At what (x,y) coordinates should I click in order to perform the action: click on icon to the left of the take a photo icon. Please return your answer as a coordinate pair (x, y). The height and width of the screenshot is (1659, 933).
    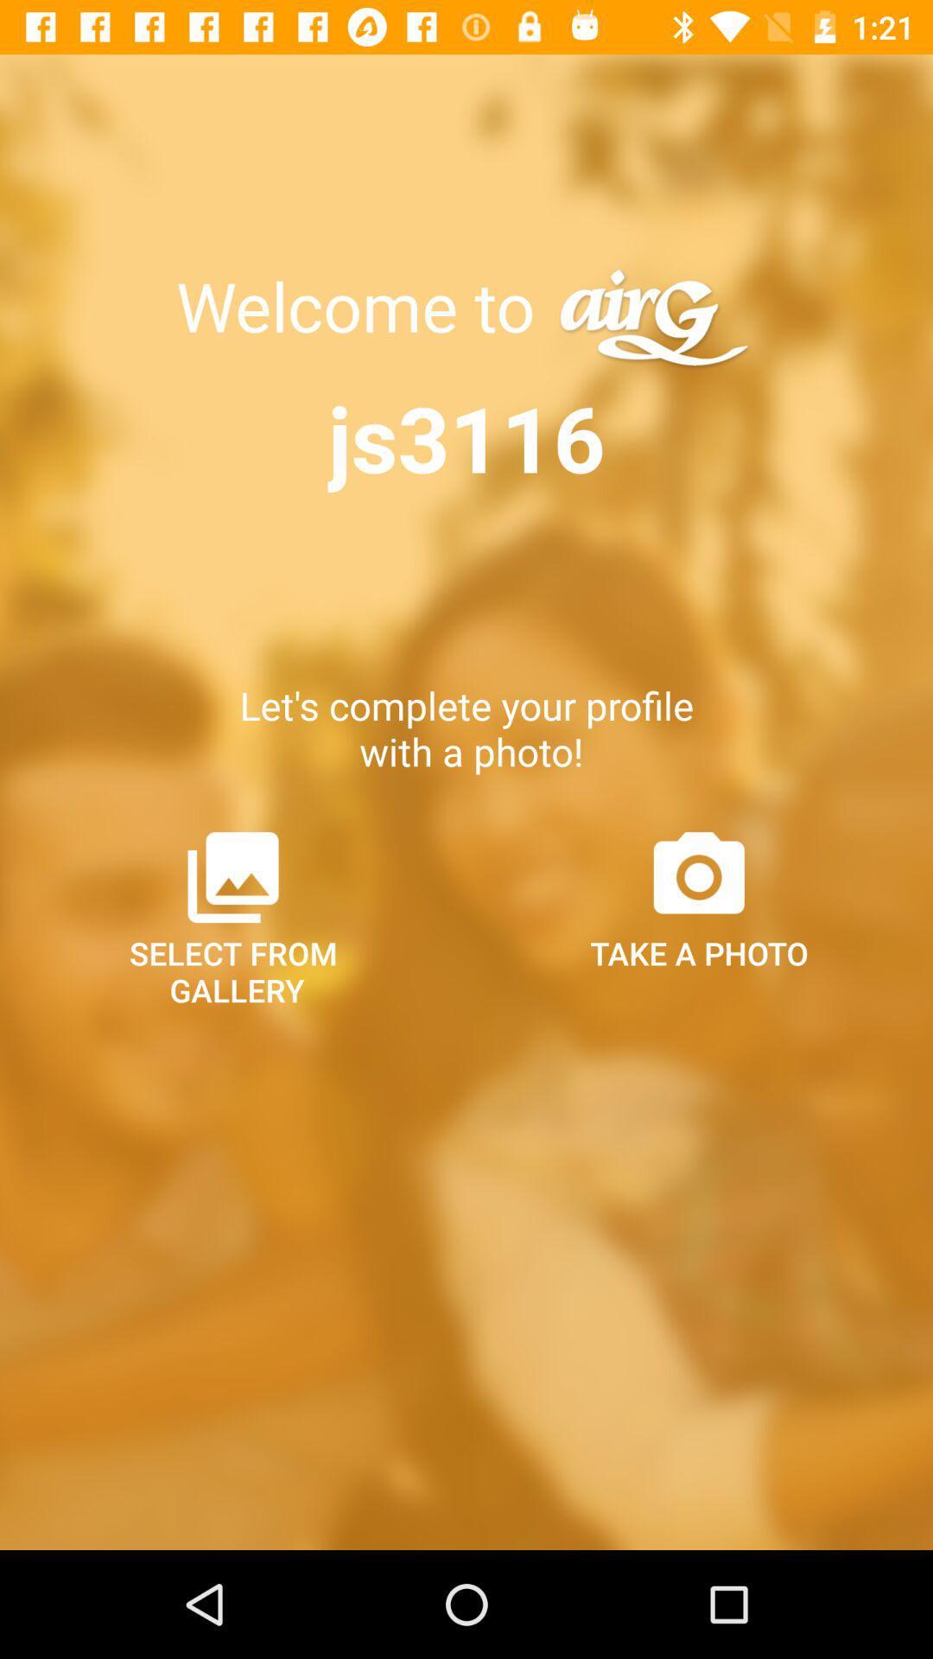
    Looking at the image, I should click on (233, 916).